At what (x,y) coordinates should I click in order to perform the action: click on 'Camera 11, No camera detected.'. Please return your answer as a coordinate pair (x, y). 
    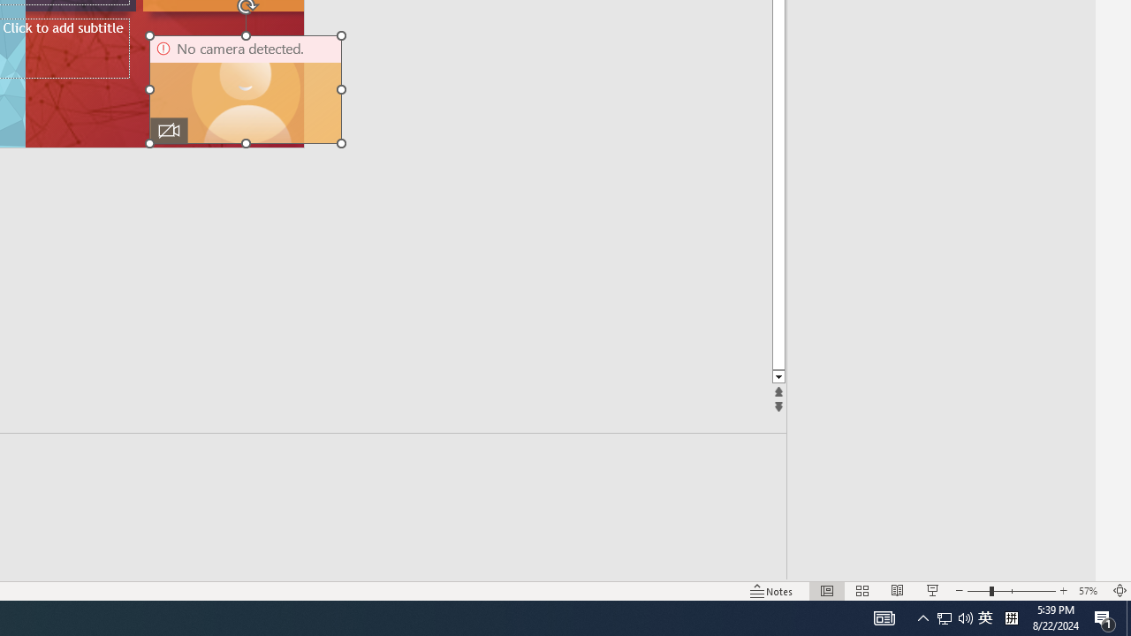
    Looking at the image, I should click on (245, 89).